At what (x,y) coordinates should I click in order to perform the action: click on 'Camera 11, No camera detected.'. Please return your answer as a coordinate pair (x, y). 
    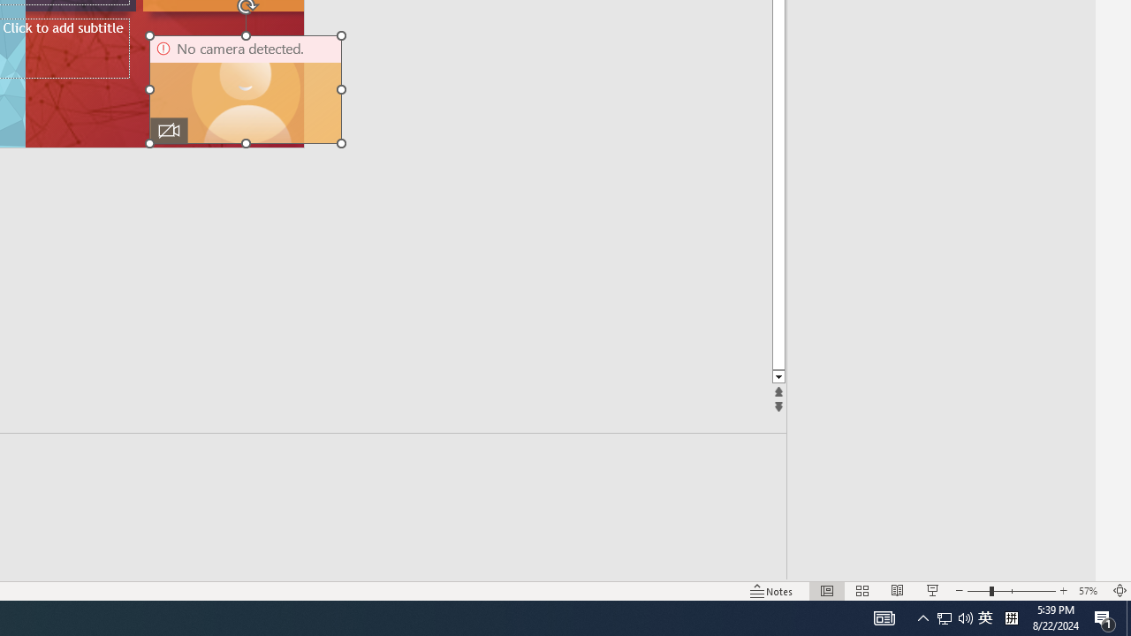
    Looking at the image, I should click on (245, 89).